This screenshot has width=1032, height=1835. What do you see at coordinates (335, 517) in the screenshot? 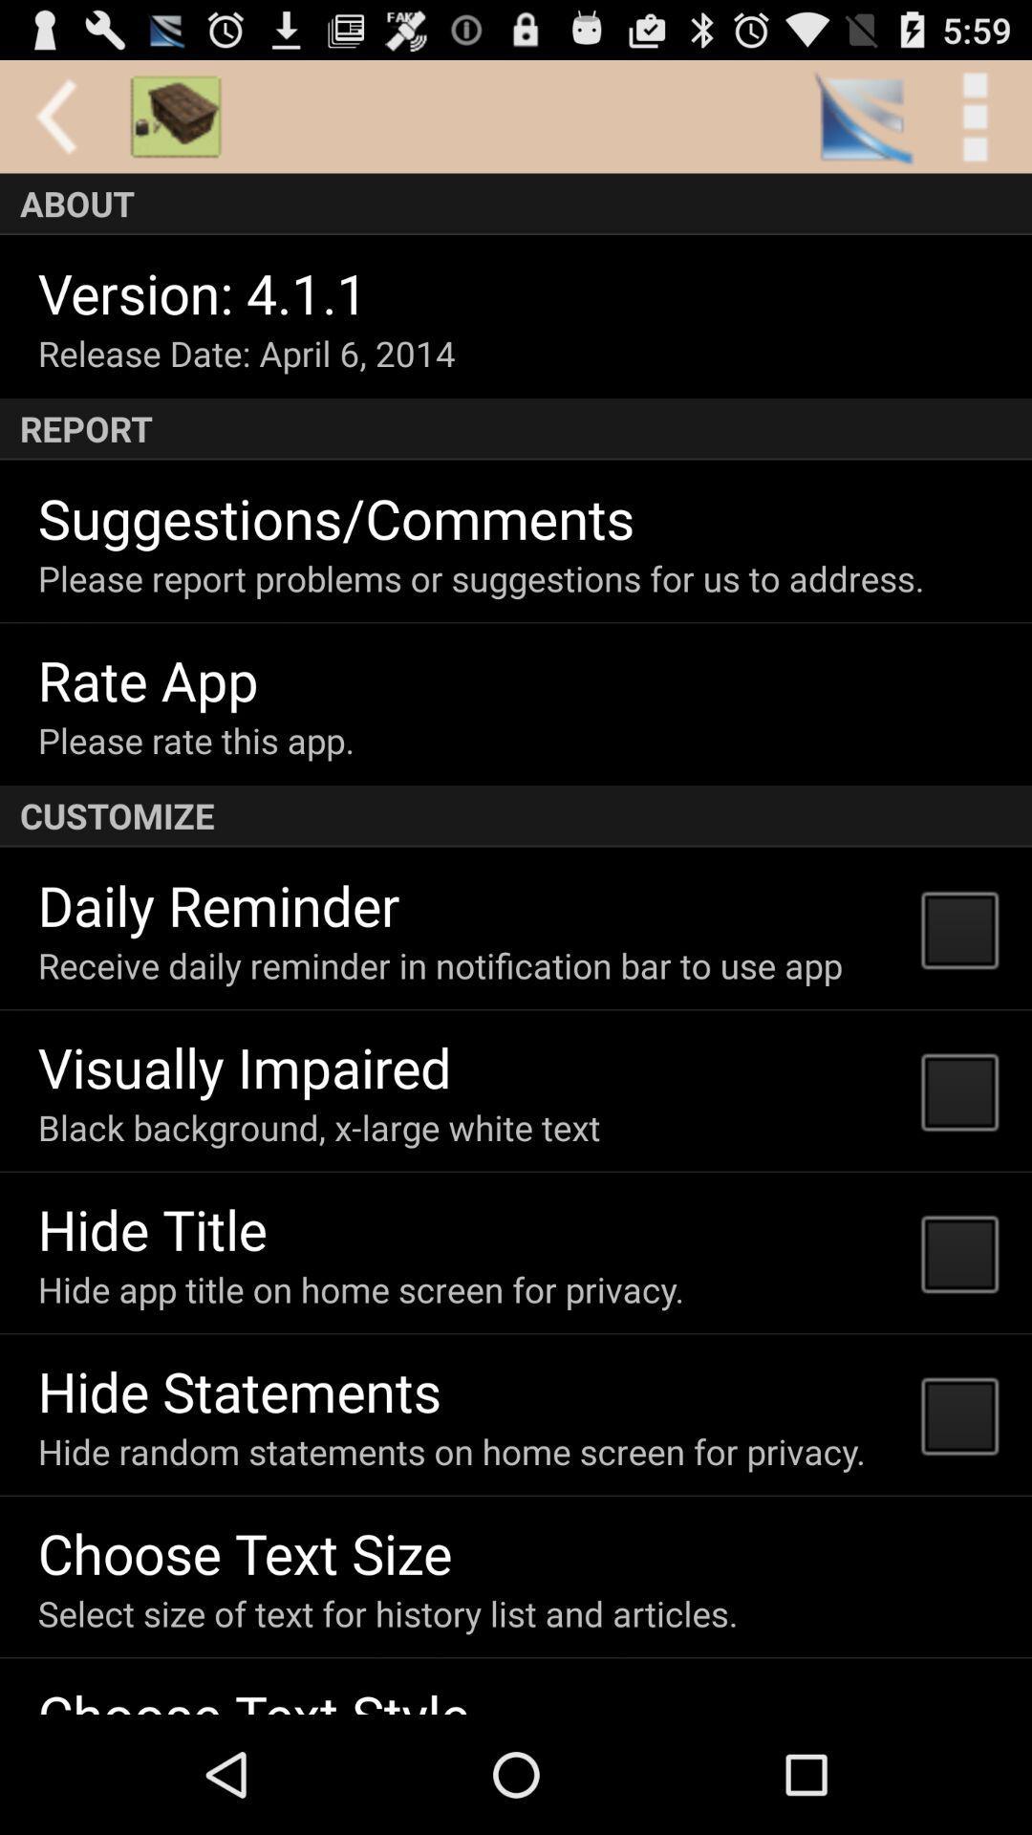
I see `item above the please report problems item` at bounding box center [335, 517].